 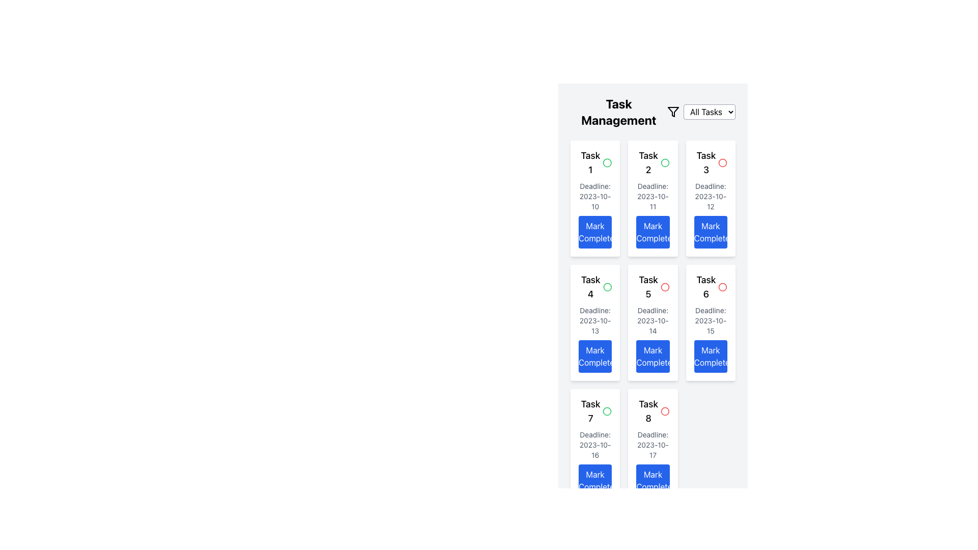 What do you see at coordinates (710, 196) in the screenshot?
I see `displayed text in the text element that conveys the deadline information for 'Task 3' in the third task card under 'Task Management'` at bounding box center [710, 196].